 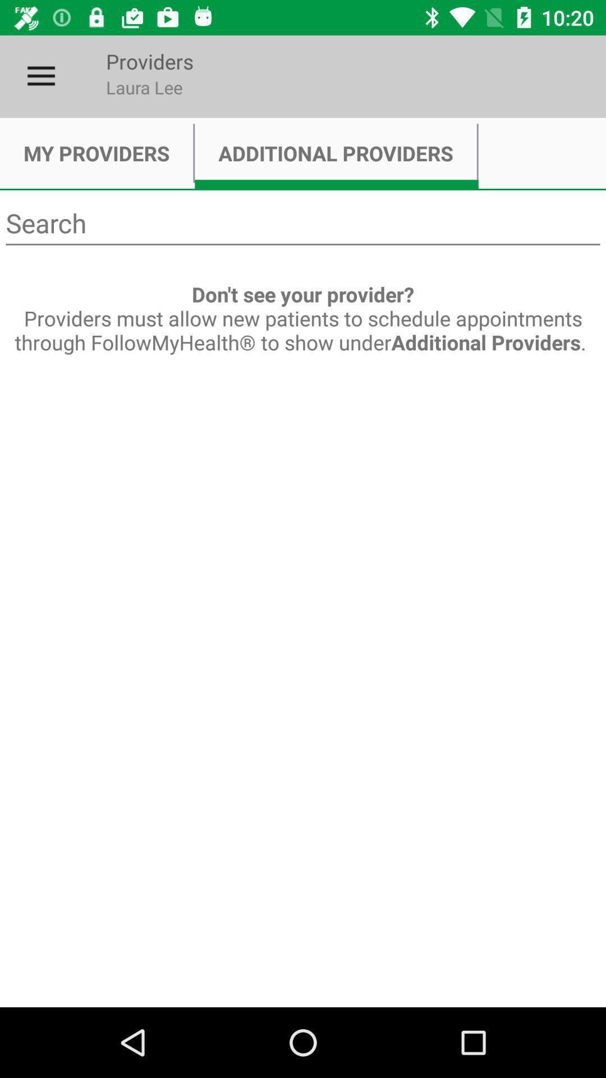 What do you see at coordinates (40, 76) in the screenshot?
I see `item above the my providers` at bounding box center [40, 76].